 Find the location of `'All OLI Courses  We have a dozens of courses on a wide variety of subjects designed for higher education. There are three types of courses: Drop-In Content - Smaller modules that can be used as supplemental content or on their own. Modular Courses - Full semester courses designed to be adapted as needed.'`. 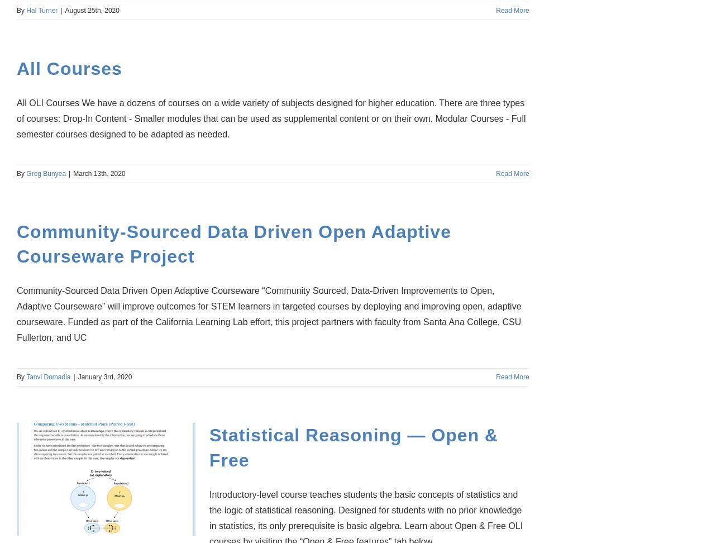

'All OLI Courses  We have a dozens of courses on a wide variety of subjects designed for higher education. There are three types of courses: Drop-In Content - Smaller modules that can be used as supplemental content or on their own. Modular Courses - Full semester courses designed to be adapted as needed.' is located at coordinates (16, 117).